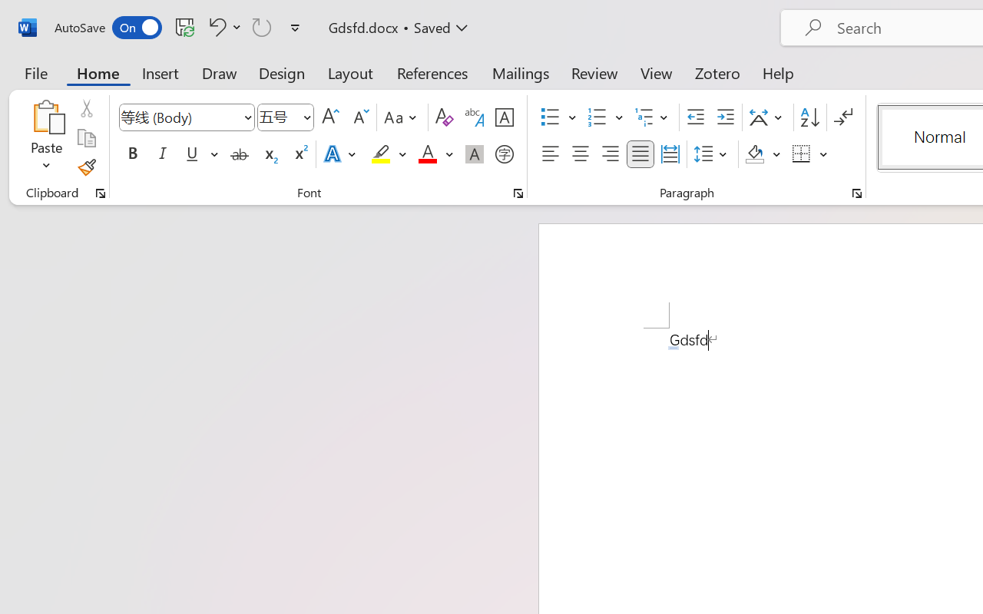  Describe the element at coordinates (640, 154) in the screenshot. I see `'Justify'` at that location.